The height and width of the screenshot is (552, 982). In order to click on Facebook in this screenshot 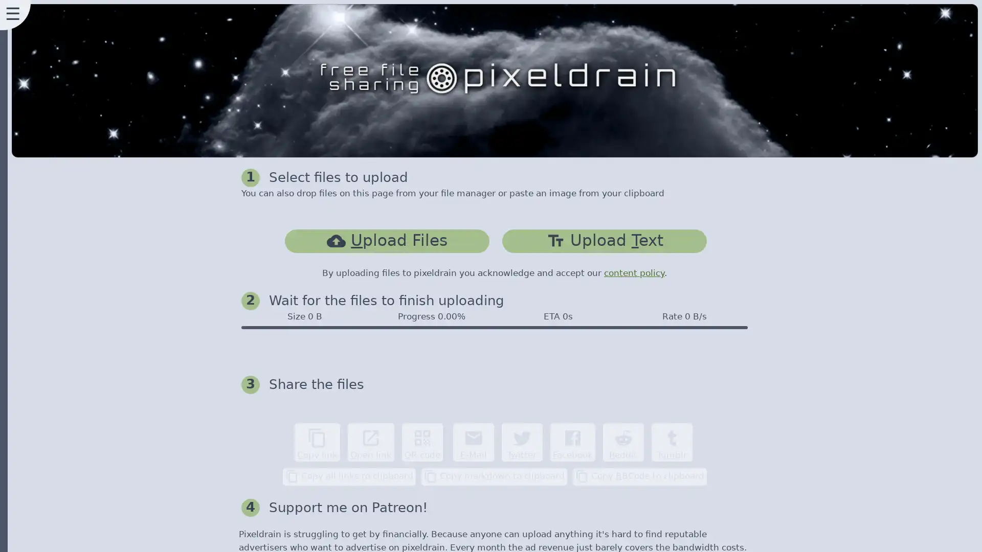, I will do `click(642, 442)`.